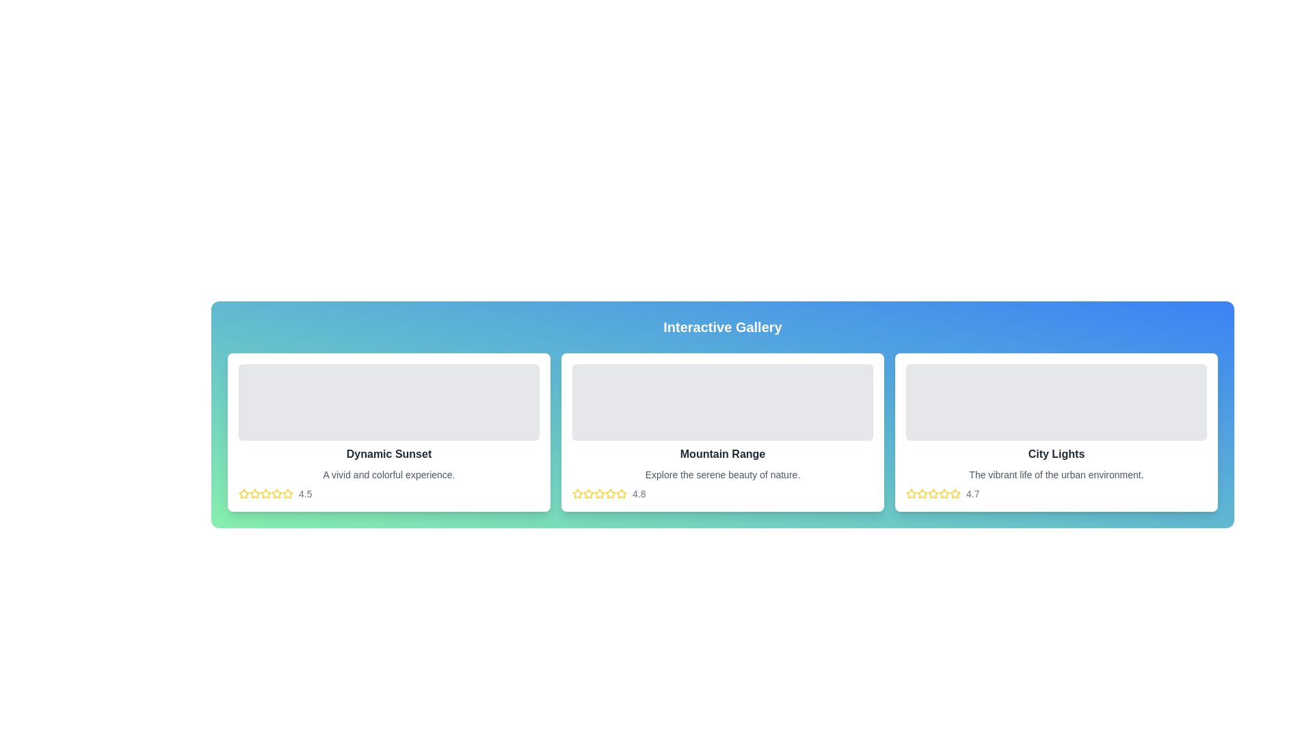 The height and width of the screenshot is (738, 1313). Describe the element at coordinates (388, 493) in the screenshot. I see `the rating value displayed in the Rating Display element consisting of five yellow stars and the numerical rating '4.5' in gray font, located at the bottom of the 'Dynamic Sunset' card` at that location.